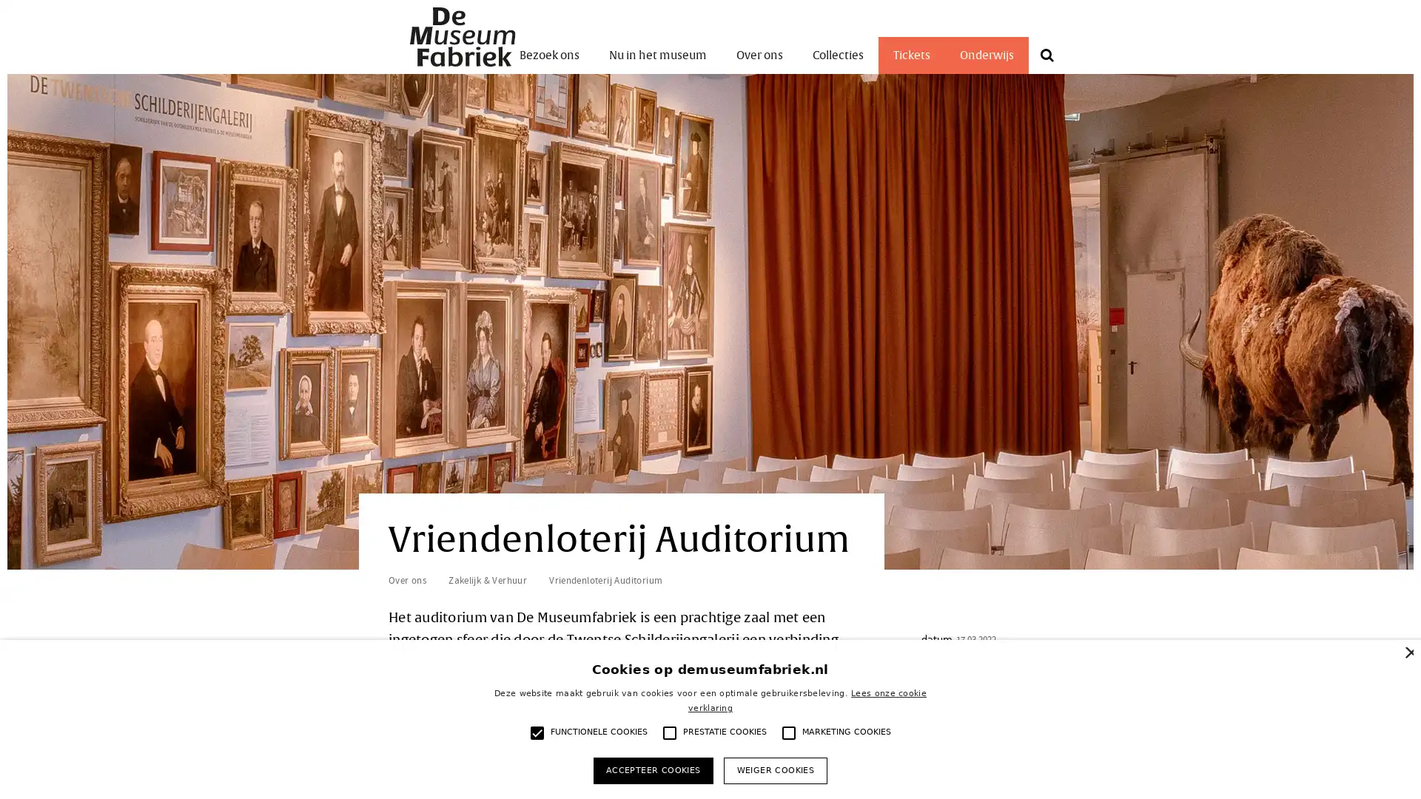 This screenshot has height=799, width=1421. I want to click on ACCEPTEER COOKIES, so click(652, 769).